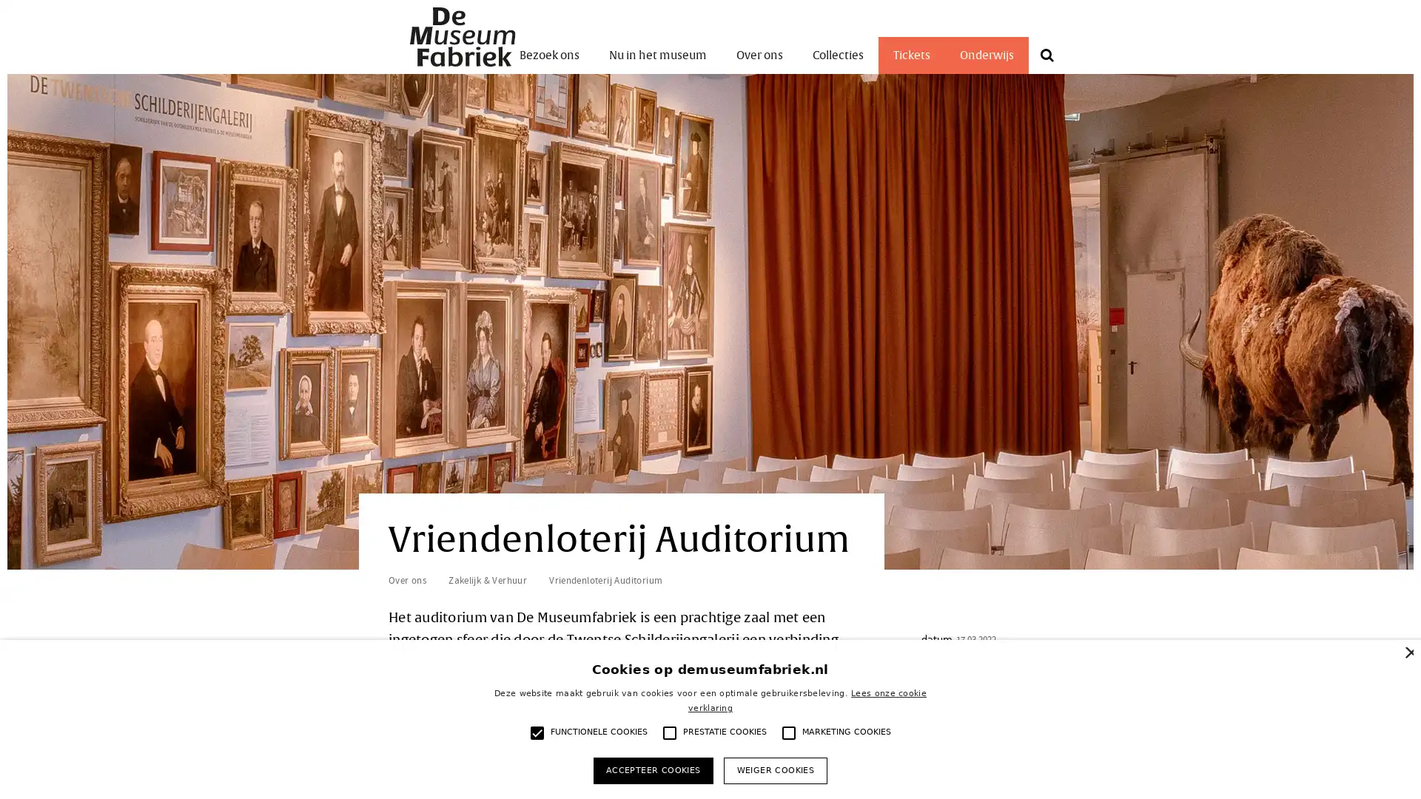 This screenshot has height=799, width=1421. I want to click on ACCEPTEER COOKIES, so click(652, 769).